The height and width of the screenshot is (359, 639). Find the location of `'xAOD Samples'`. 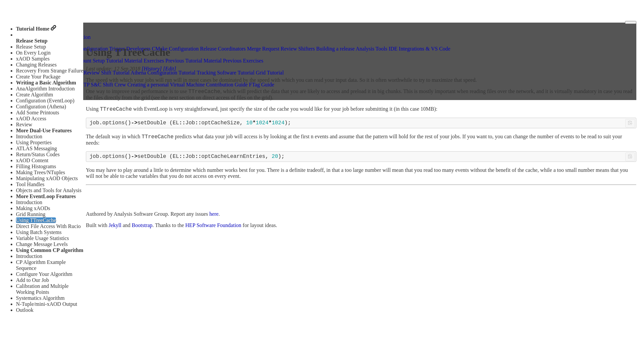

'xAOD Samples' is located at coordinates (32, 58).